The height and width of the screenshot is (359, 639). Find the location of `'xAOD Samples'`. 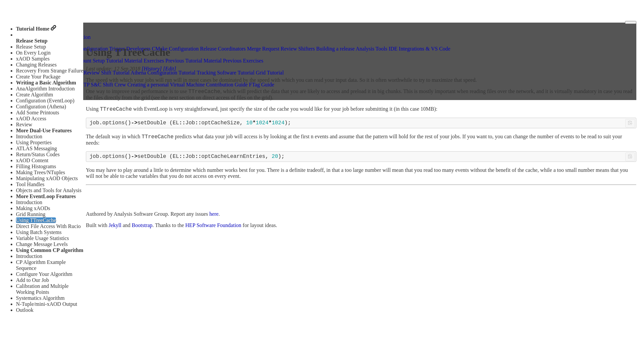

'xAOD Samples' is located at coordinates (32, 58).